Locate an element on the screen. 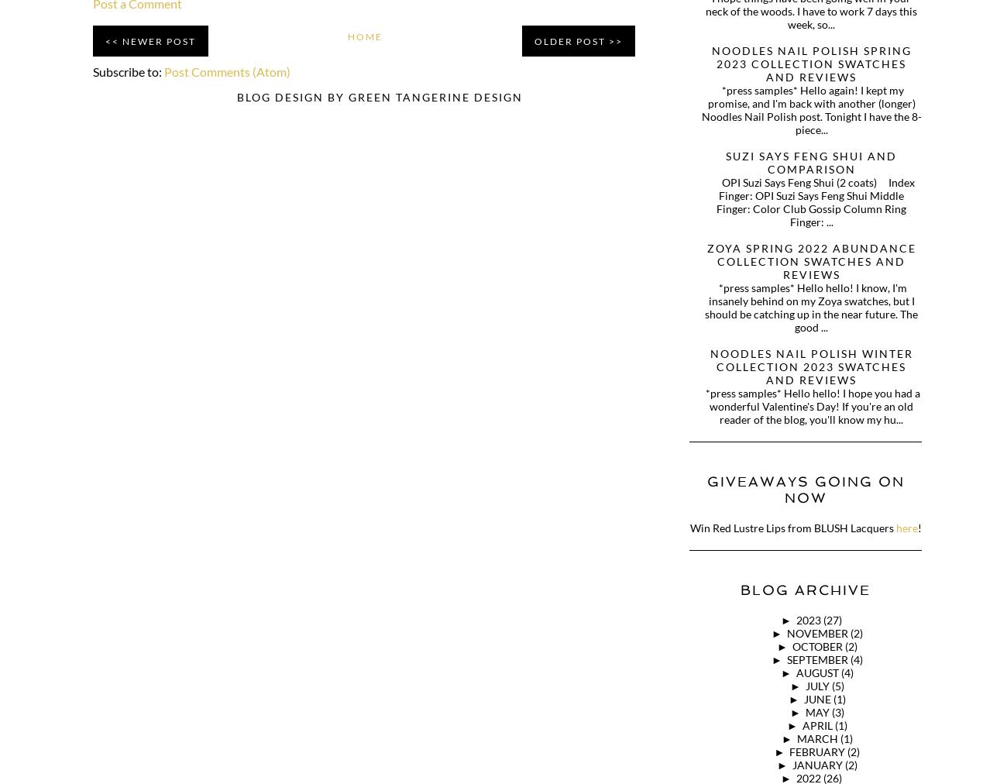 The height and width of the screenshot is (784, 1007). 'GREEN TANGERINE DESIGN' is located at coordinates (347, 95).